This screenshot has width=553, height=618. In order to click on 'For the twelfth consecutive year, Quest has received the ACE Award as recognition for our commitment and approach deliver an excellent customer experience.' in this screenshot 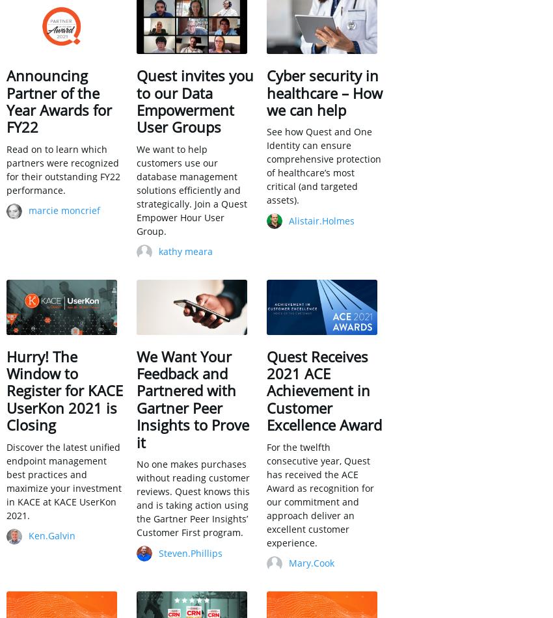, I will do `click(320, 494)`.